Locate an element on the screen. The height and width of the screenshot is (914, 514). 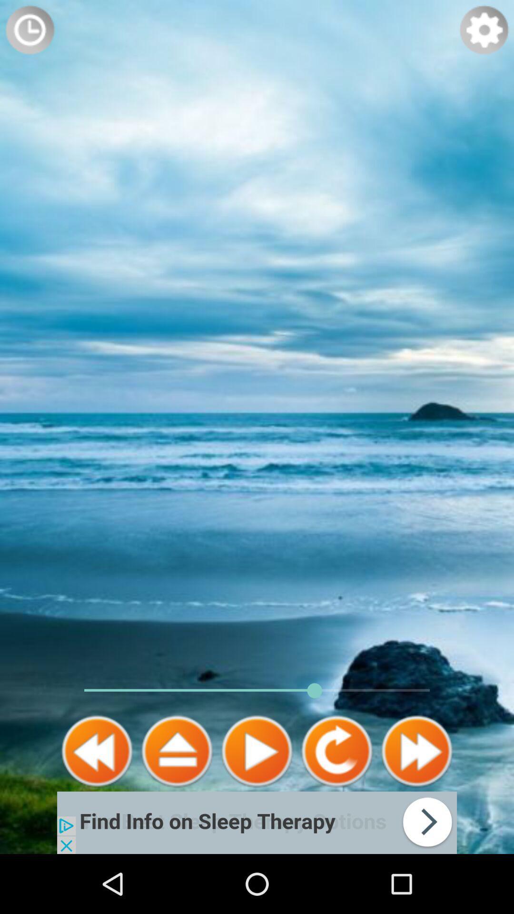
show settings is located at coordinates (484, 30).